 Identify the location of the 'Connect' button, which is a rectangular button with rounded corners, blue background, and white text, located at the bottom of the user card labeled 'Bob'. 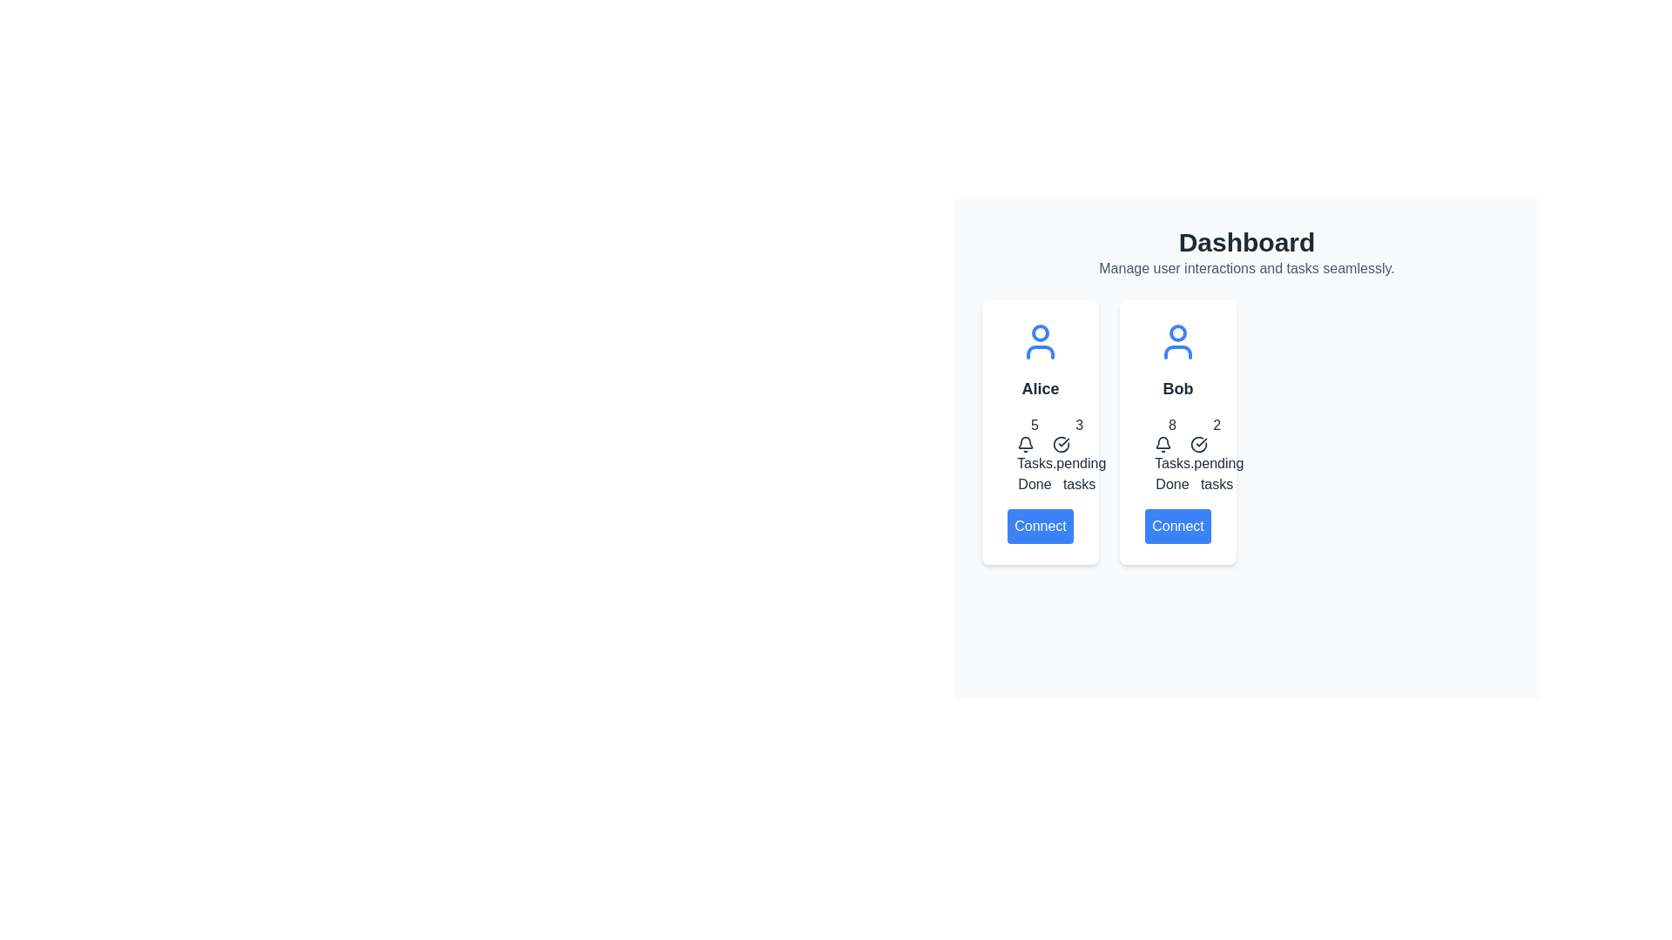
(1178, 526).